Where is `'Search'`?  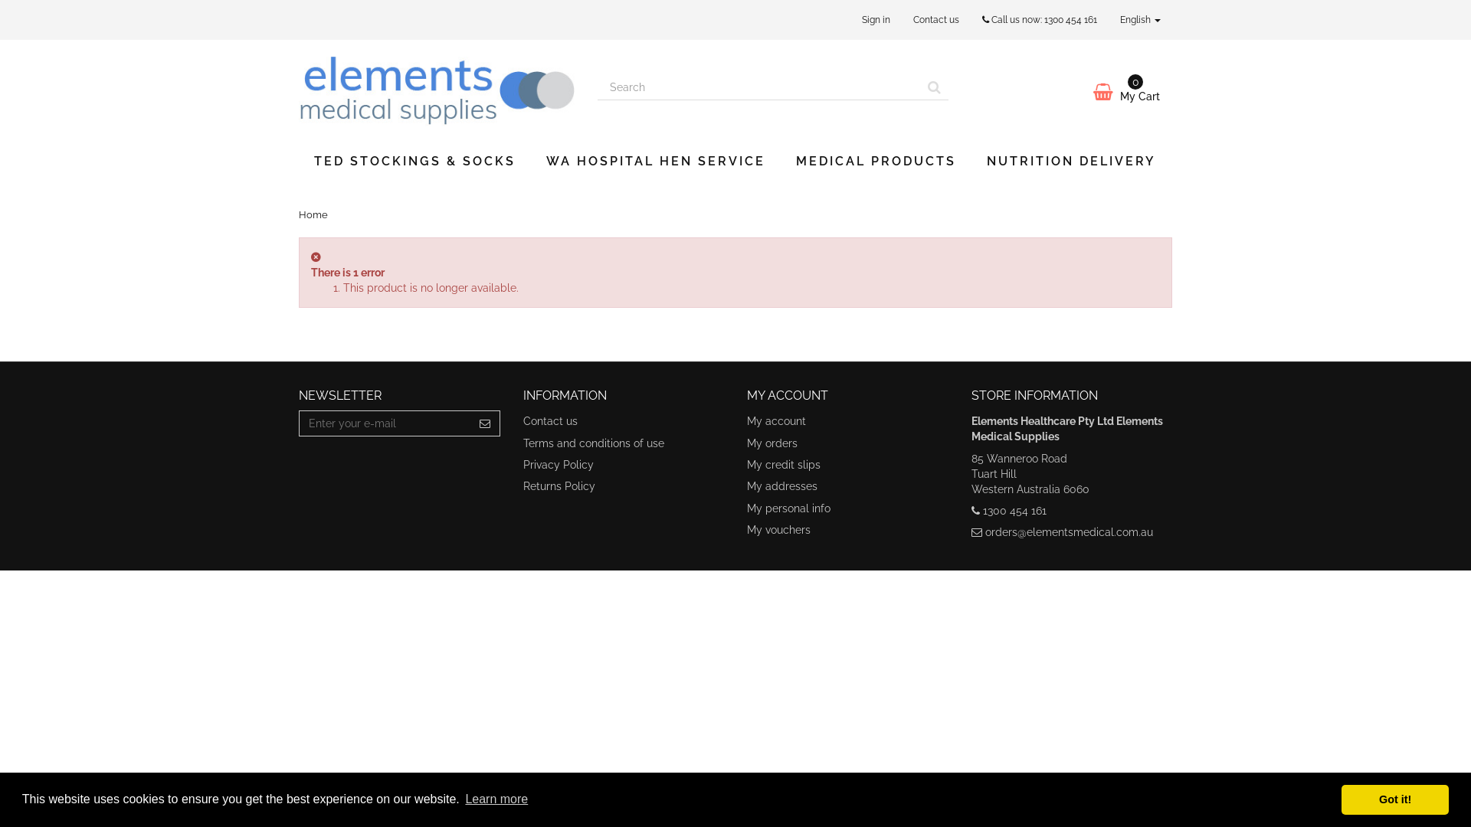 'Search' is located at coordinates (932, 87).